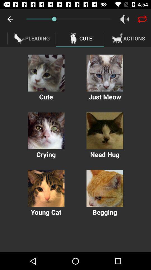 The height and width of the screenshot is (270, 151). What do you see at coordinates (105, 131) in the screenshot?
I see `asks for a virtual hug` at bounding box center [105, 131].